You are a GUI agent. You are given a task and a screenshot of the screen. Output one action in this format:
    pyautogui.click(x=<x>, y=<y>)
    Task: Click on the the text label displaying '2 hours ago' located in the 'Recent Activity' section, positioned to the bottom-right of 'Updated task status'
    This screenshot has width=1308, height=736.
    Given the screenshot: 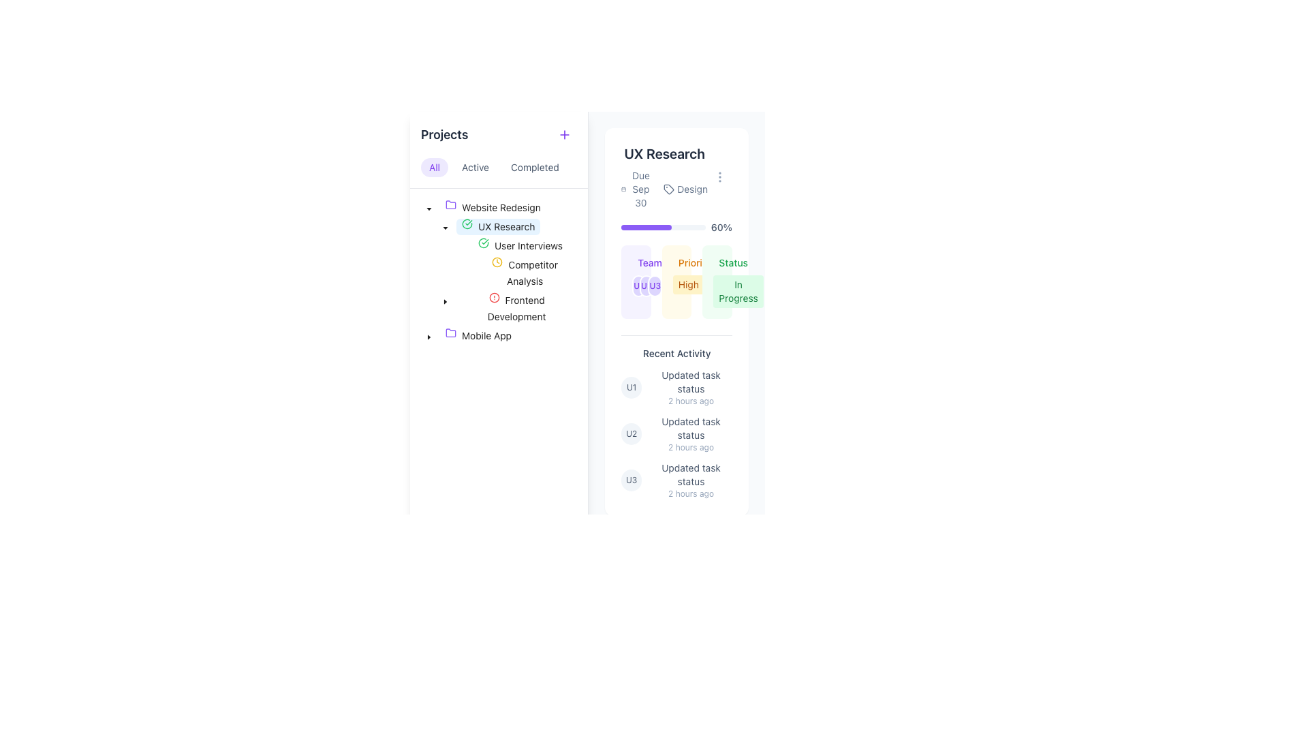 What is the action you would take?
    pyautogui.click(x=691, y=494)
    